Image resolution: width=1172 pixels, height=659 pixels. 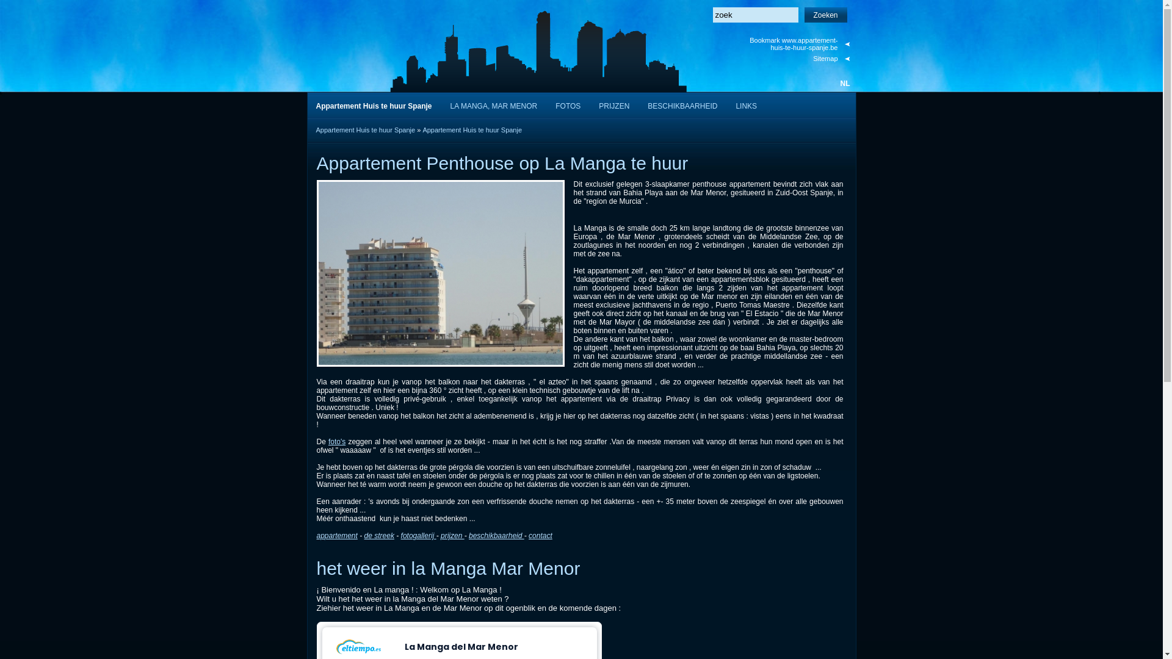 I want to click on 'fotogallerij ', so click(x=419, y=535).